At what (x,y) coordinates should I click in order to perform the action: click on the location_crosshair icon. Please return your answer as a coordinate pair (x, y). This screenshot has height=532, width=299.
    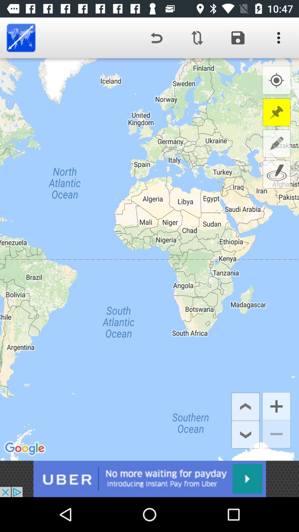
    Looking at the image, I should click on (276, 80).